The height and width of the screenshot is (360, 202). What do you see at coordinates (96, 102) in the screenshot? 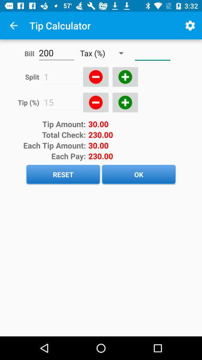
I see `zoom` at bounding box center [96, 102].